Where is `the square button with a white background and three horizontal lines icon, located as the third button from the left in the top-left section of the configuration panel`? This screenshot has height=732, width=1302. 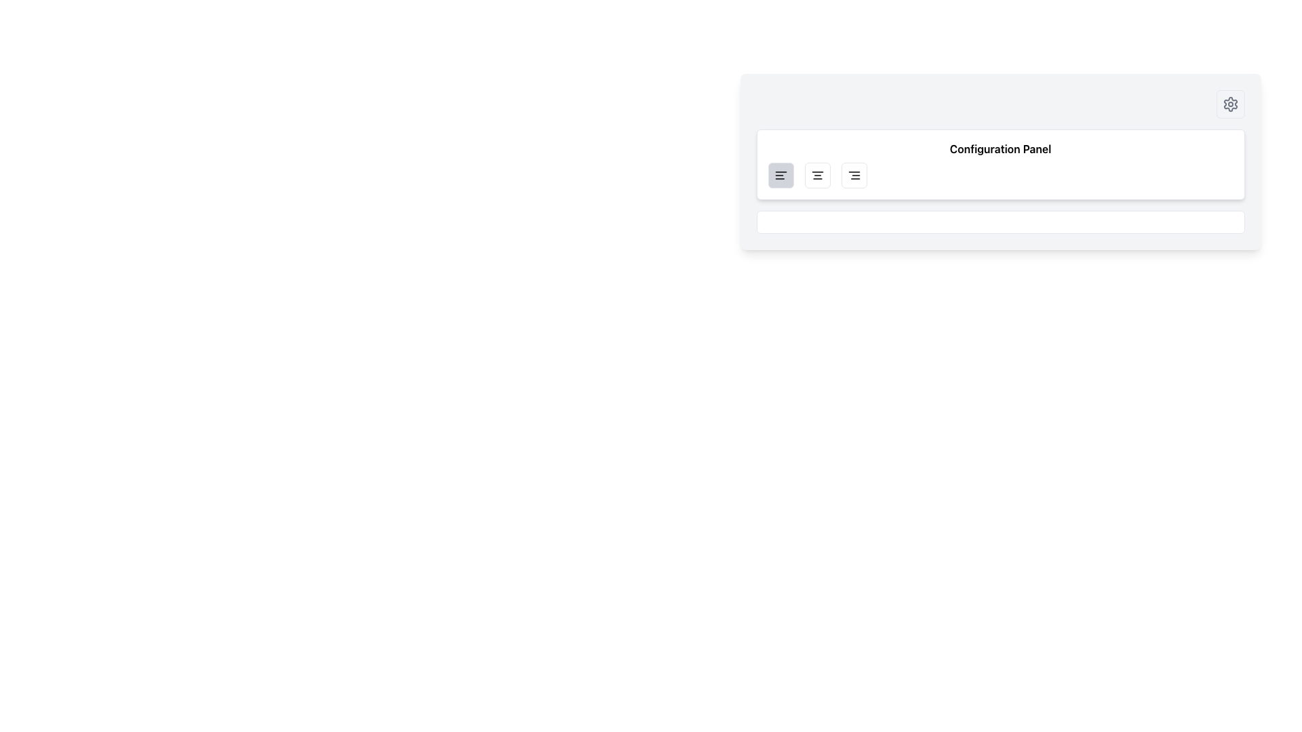 the square button with a white background and three horizontal lines icon, located as the third button from the left in the top-left section of the configuration panel is located at coordinates (853, 174).